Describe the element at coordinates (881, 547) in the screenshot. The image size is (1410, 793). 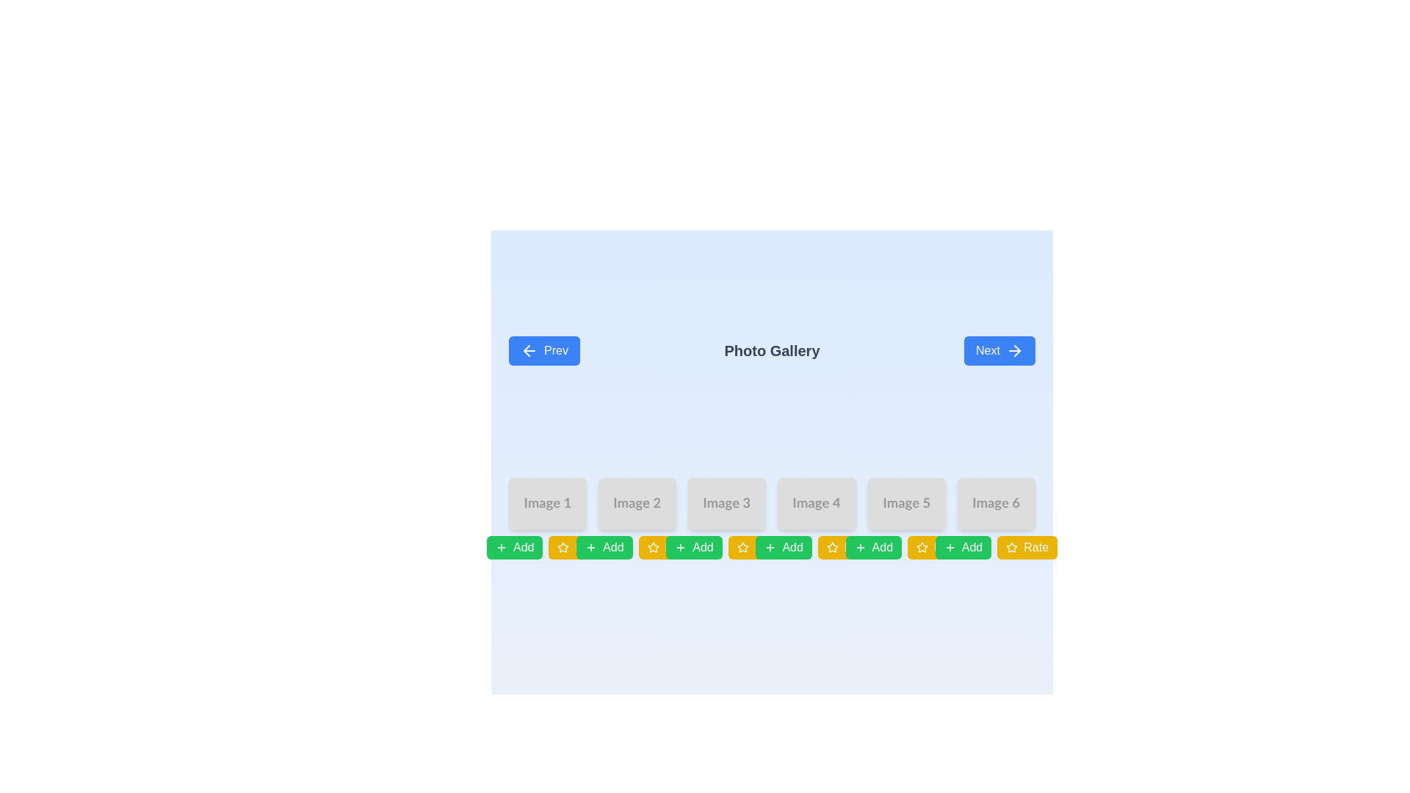
I see `the green rectangular button with rounded corners that has the text 'Add' in white, located below the fifth image in the gallery` at that location.